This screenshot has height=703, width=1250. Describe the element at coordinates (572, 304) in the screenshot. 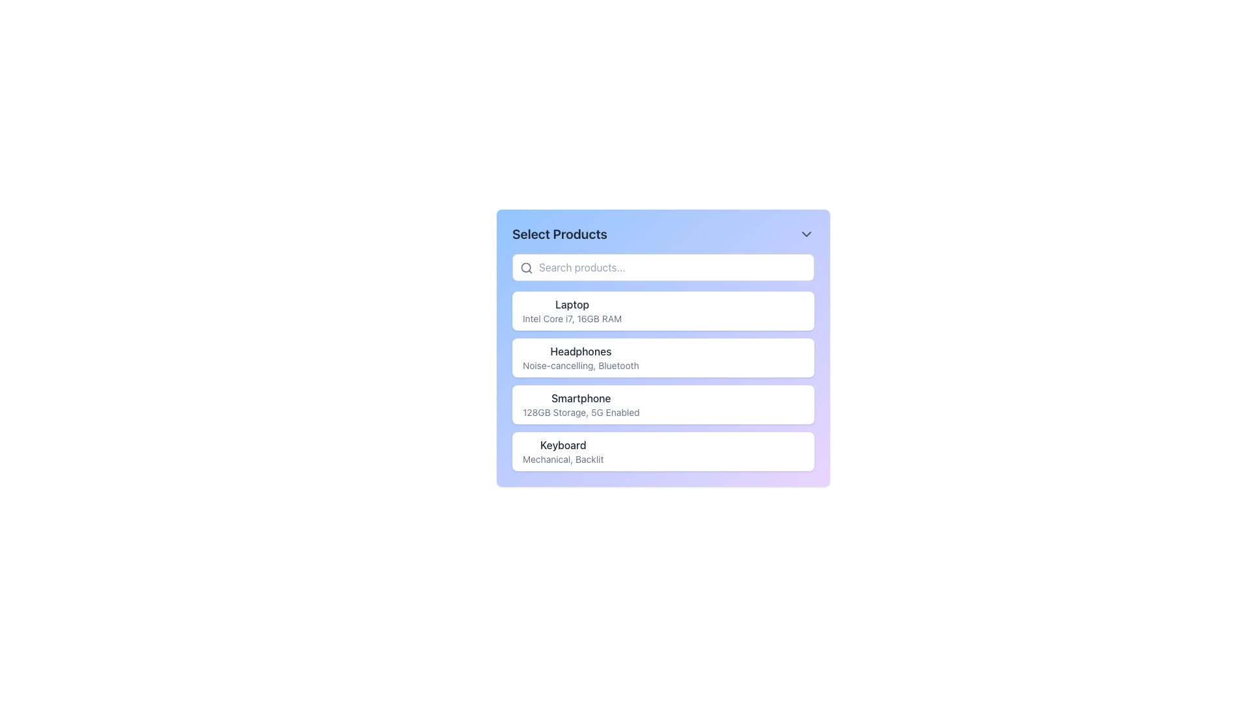

I see `the text label displaying 'Laptop', which is styled in bold medium gray and located in the second row of a dropdown-style menu` at that location.